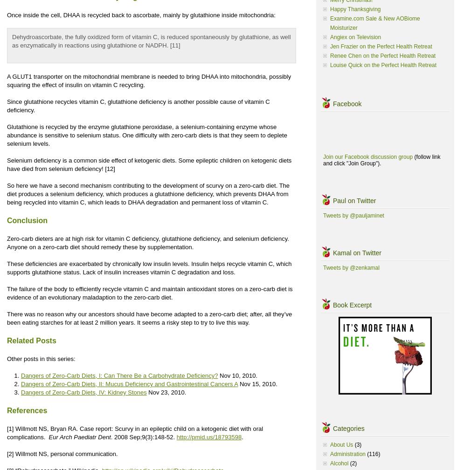 This screenshot has width=457, height=470. I want to click on 'Categories', so click(348, 428).